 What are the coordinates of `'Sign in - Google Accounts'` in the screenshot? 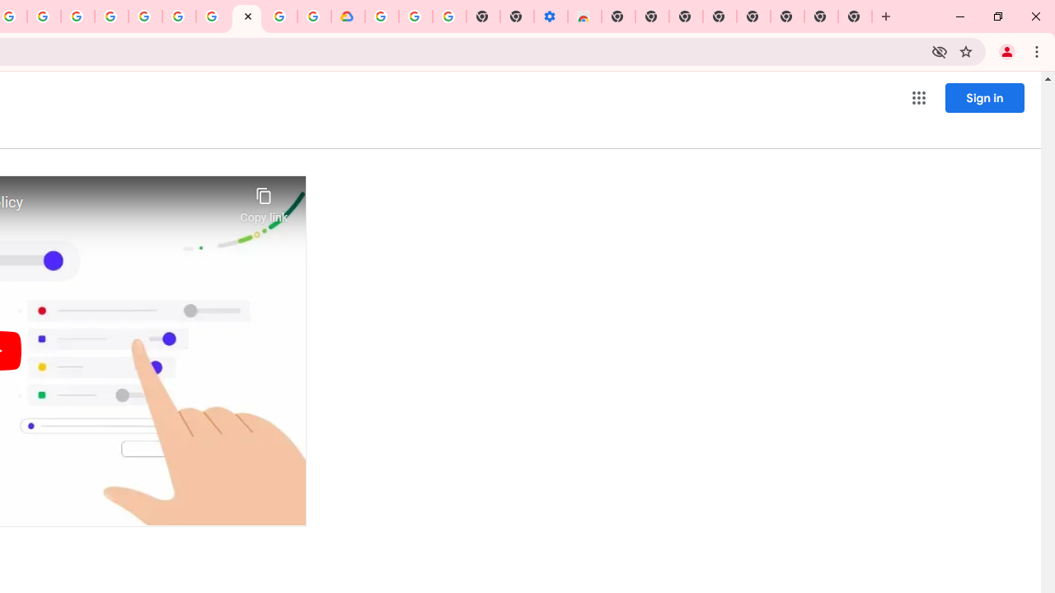 It's located at (381, 16).